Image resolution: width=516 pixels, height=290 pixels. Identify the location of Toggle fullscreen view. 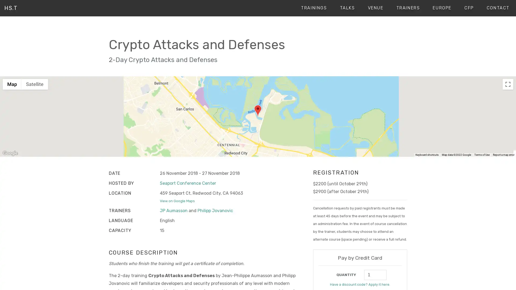
(508, 84).